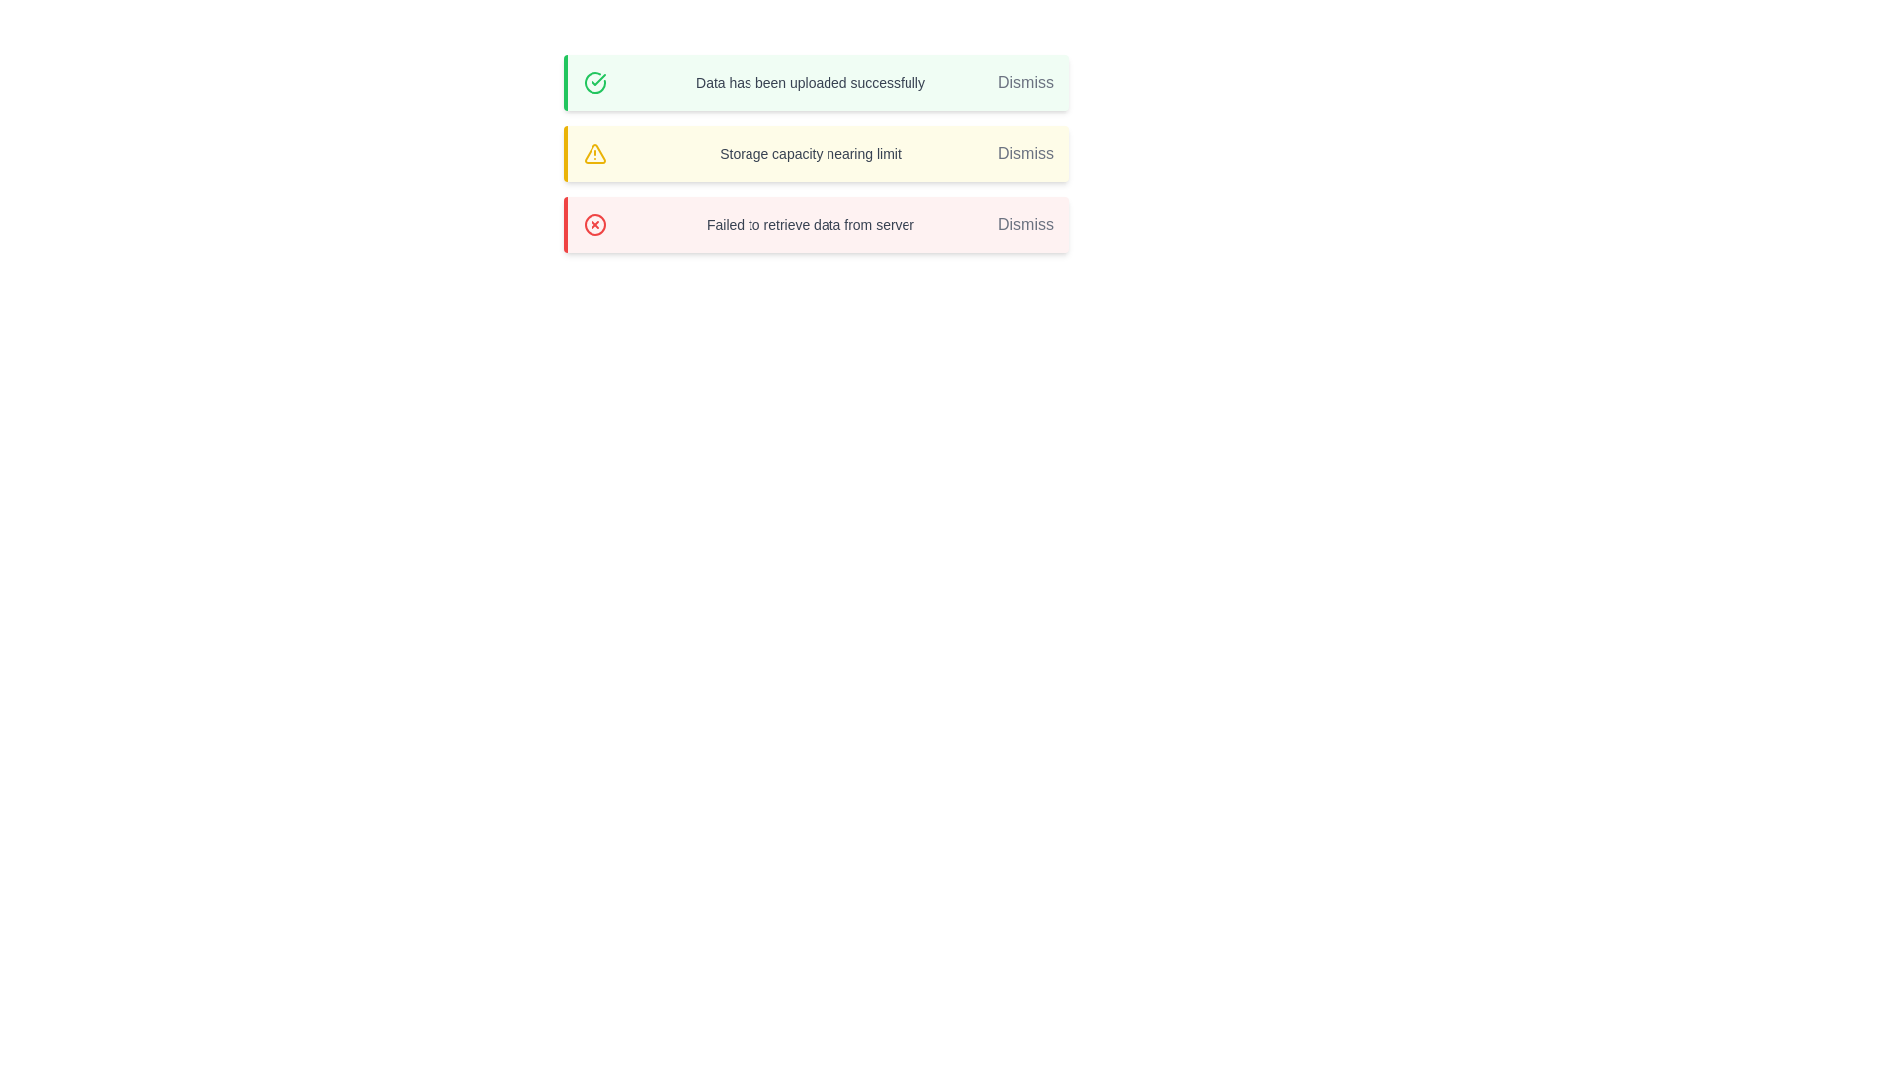 The height and width of the screenshot is (1066, 1896). What do you see at coordinates (1025, 82) in the screenshot?
I see `dismiss button for the alert with the message 'Data has been uploaded successfully'` at bounding box center [1025, 82].